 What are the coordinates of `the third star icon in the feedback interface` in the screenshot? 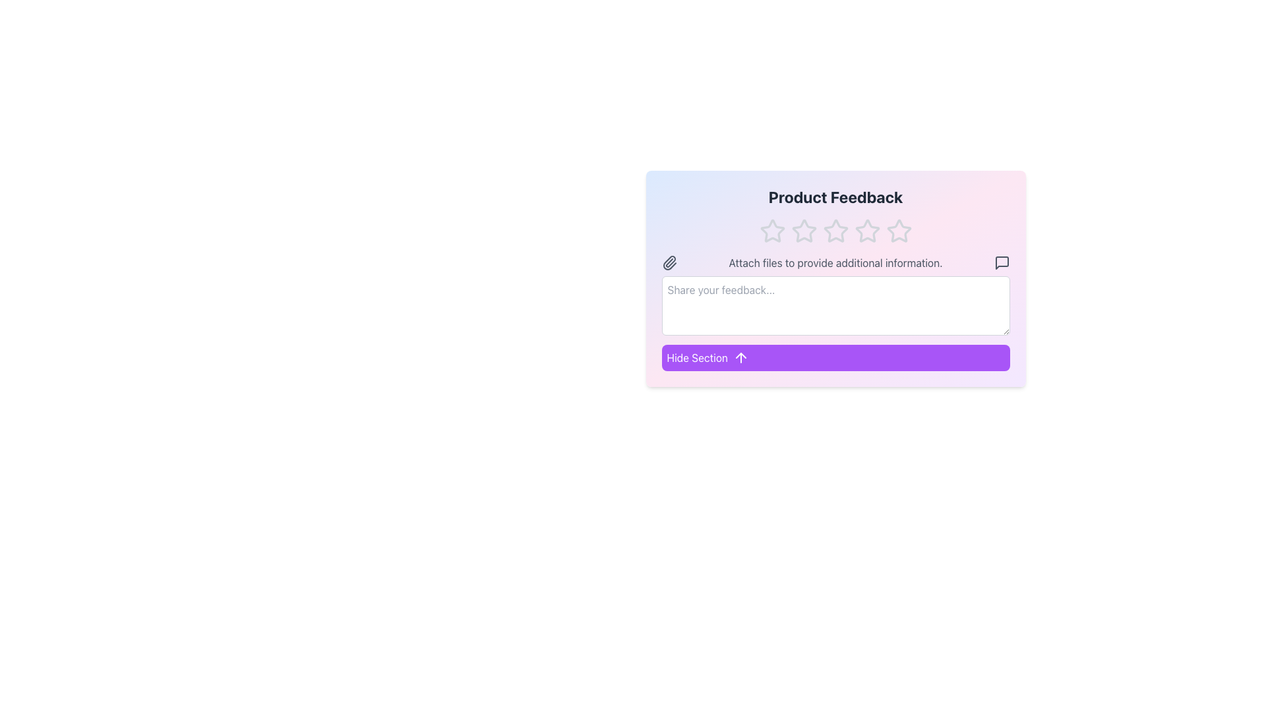 It's located at (867, 230).